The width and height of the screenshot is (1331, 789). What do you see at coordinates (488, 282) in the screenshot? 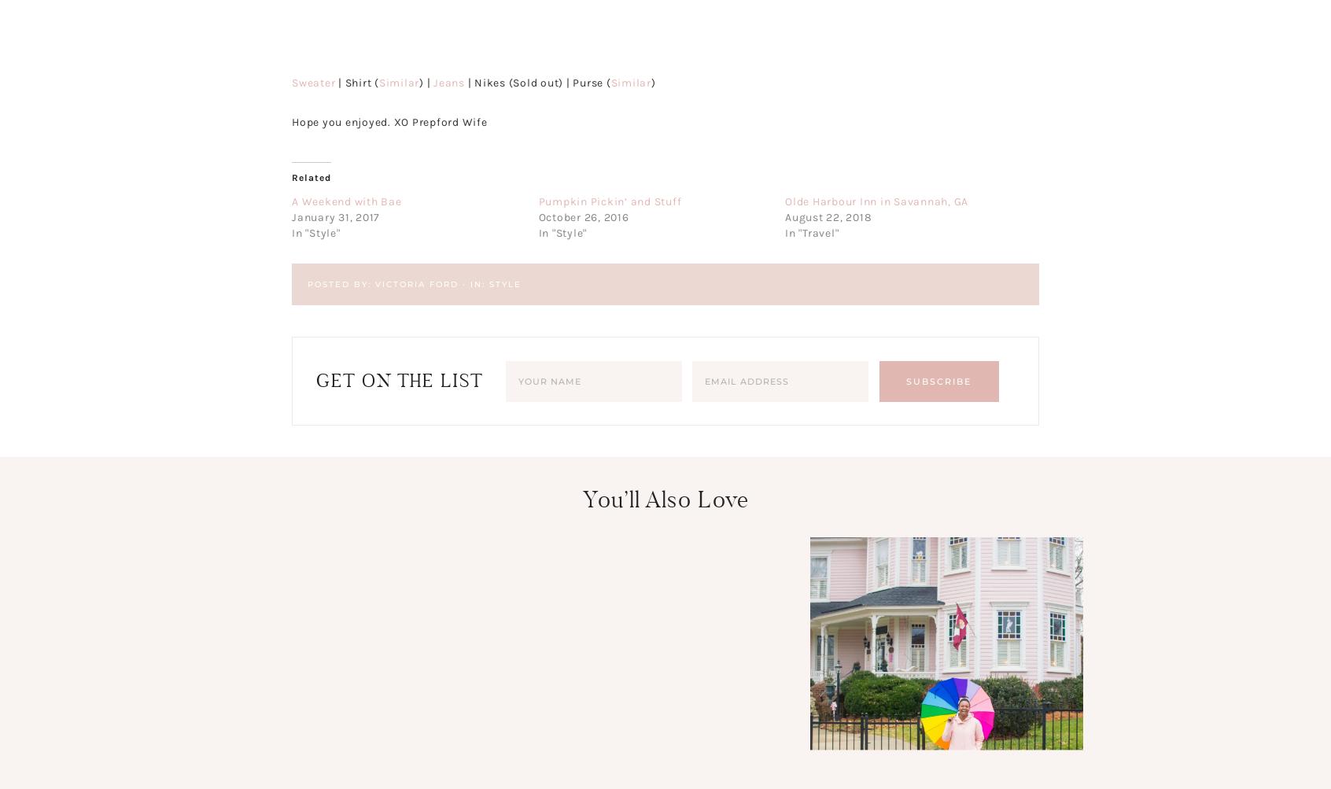
I see `'Style'` at bounding box center [488, 282].